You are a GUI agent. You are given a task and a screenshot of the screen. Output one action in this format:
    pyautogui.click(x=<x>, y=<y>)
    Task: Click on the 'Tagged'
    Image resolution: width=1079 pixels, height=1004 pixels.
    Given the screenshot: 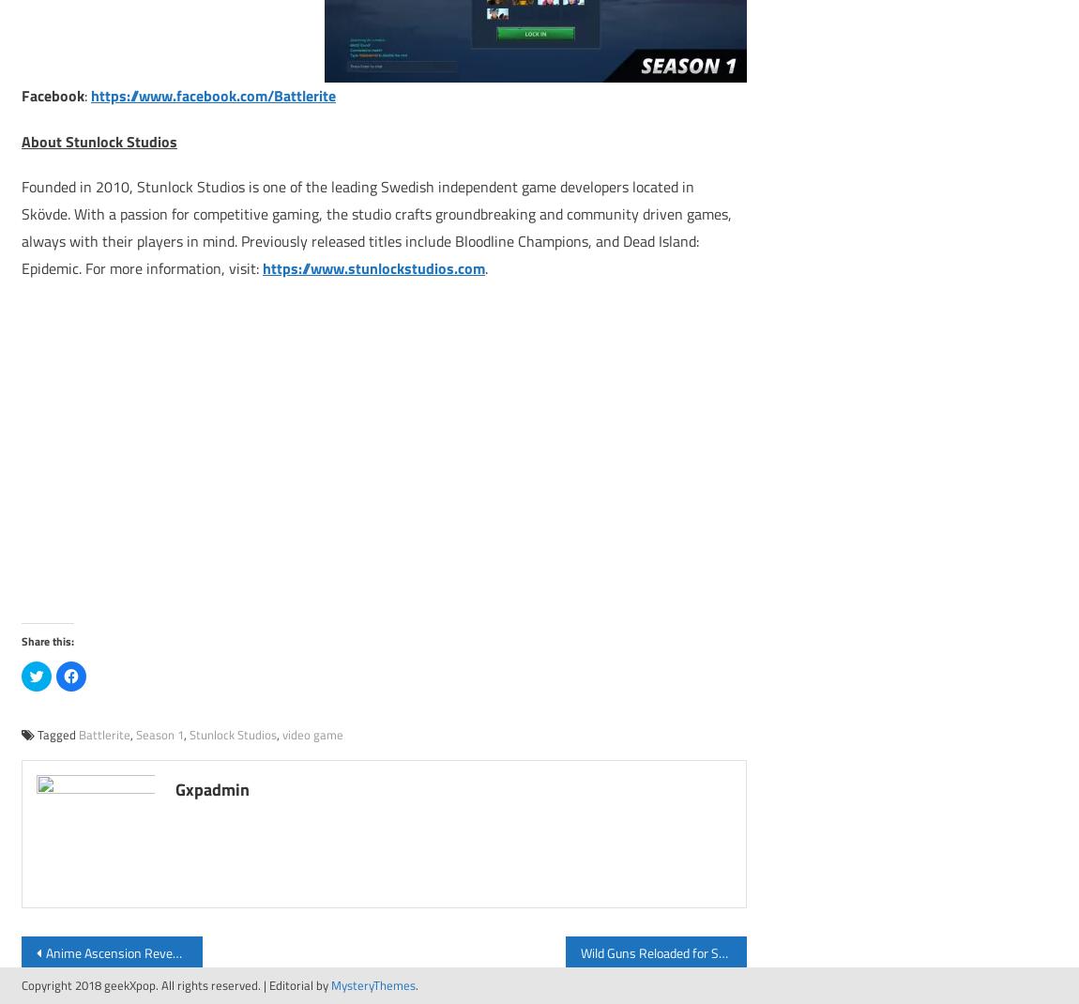 What is the action you would take?
    pyautogui.click(x=56, y=732)
    